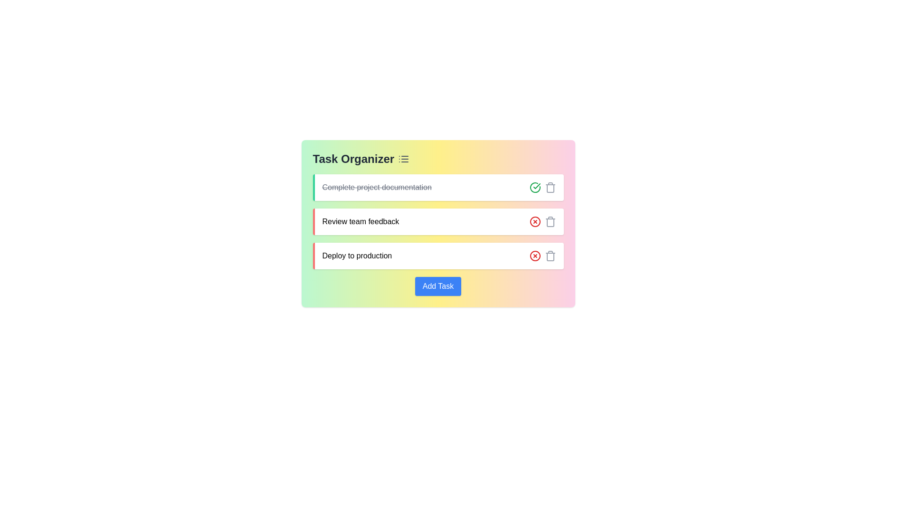  What do you see at coordinates (404, 159) in the screenshot?
I see `the small gray icon resembling a list, located to the right of the 'Task Organizer' text in the header` at bounding box center [404, 159].